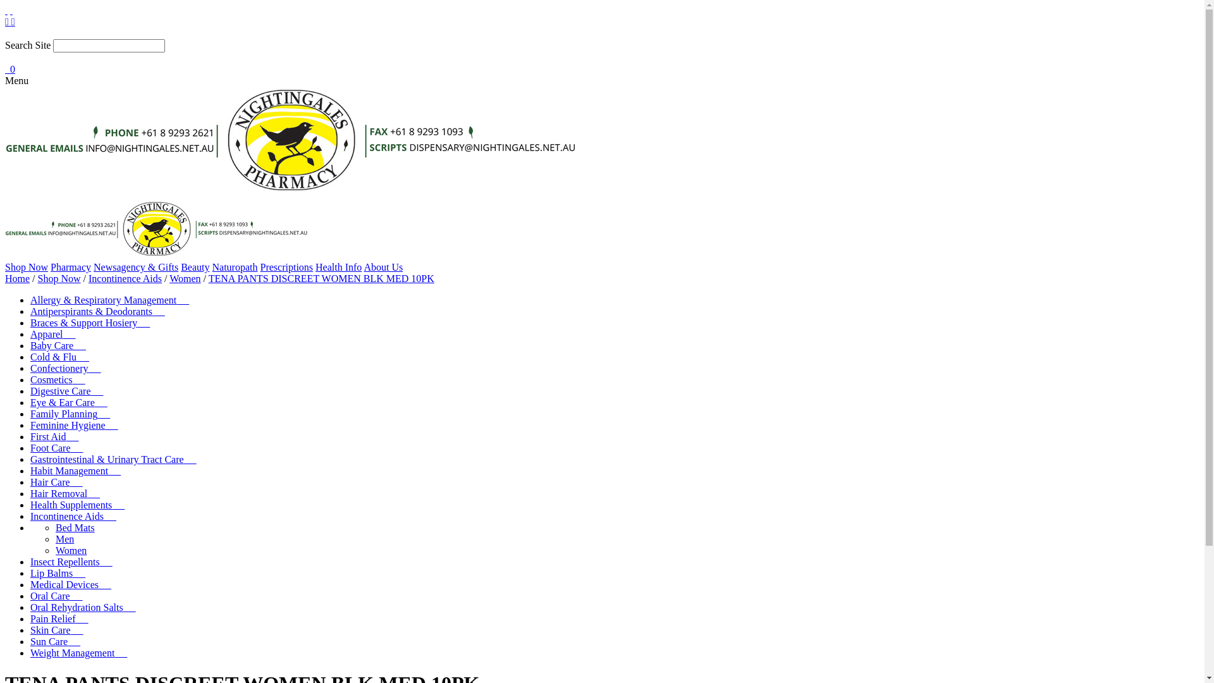 Image resolution: width=1214 pixels, height=683 pixels. Describe the element at coordinates (338, 266) in the screenshot. I see `'Health Info'` at that location.